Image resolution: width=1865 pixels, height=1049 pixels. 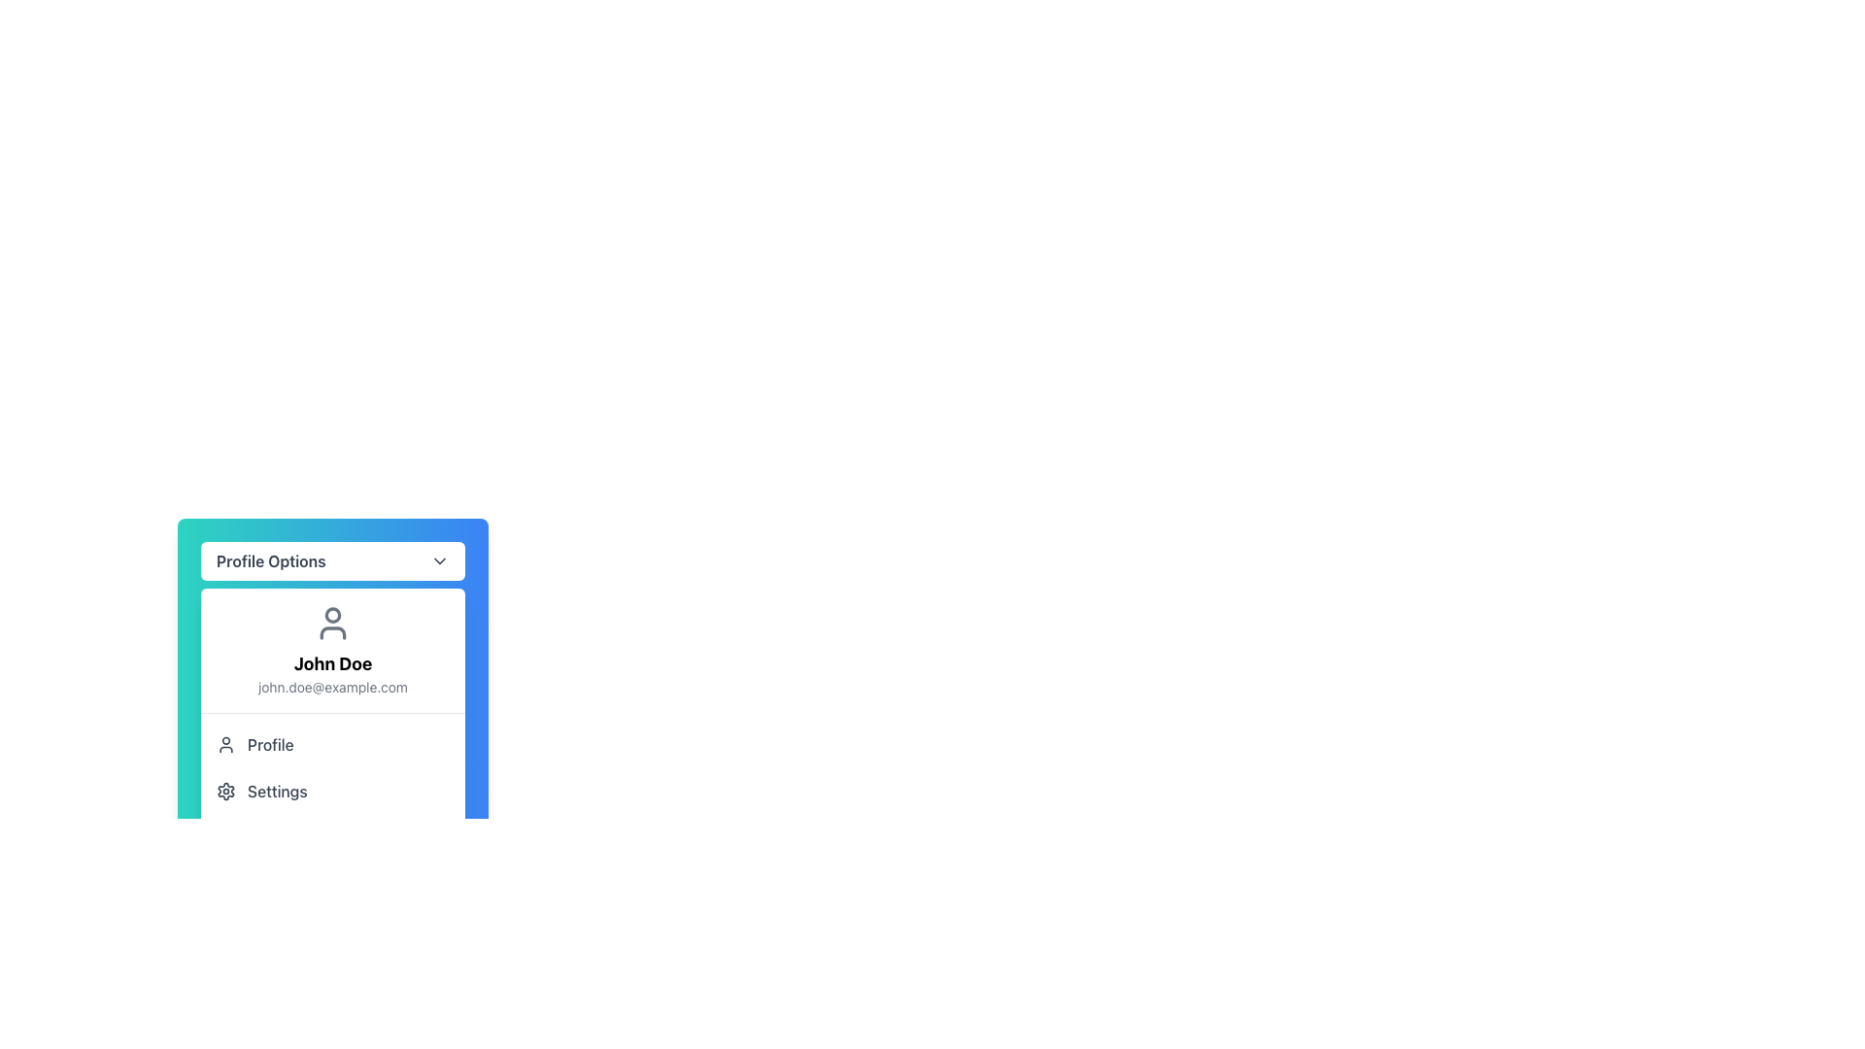 I want to click on the dropdown menu options, so click(x=332, y=728).